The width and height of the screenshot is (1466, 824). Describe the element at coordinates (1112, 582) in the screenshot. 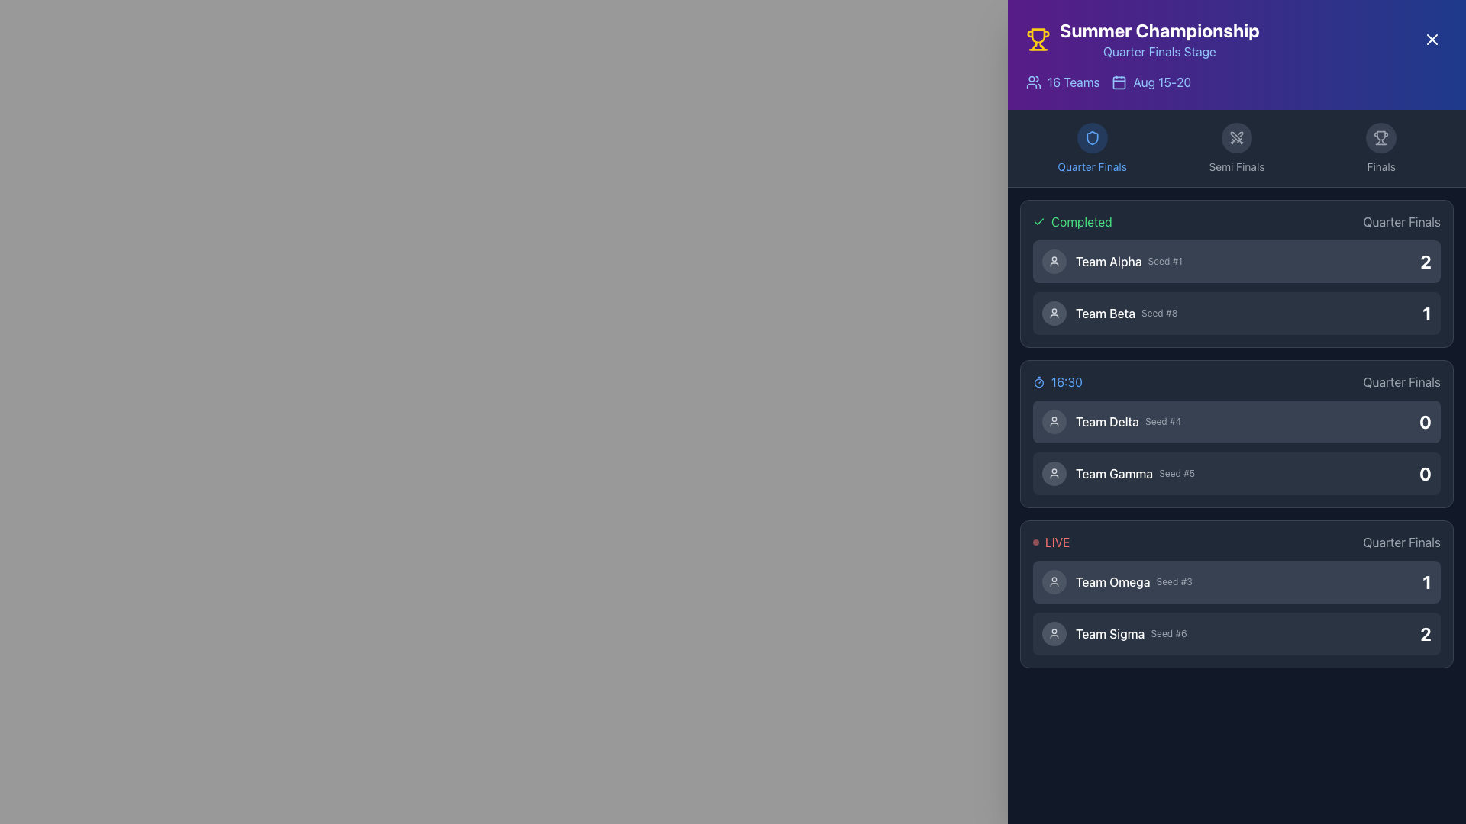

I see `text 'Team Omega' displayed in white color in the 'LIVE' subsection of the 'Quarter Finals' section` at that location.